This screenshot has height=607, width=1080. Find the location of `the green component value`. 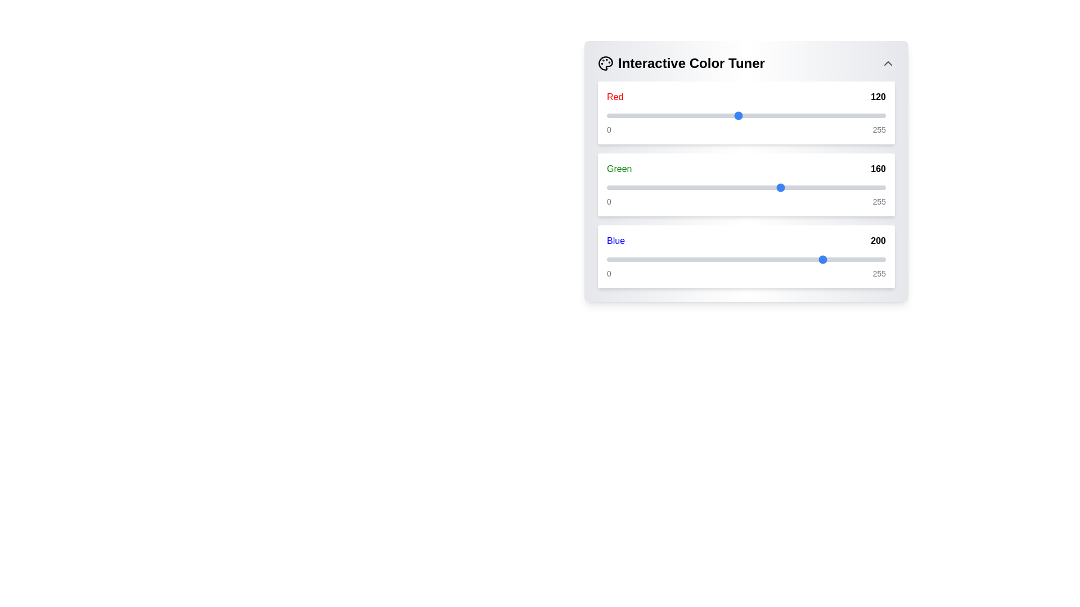

the green component value is located at coordinates (803, 187).